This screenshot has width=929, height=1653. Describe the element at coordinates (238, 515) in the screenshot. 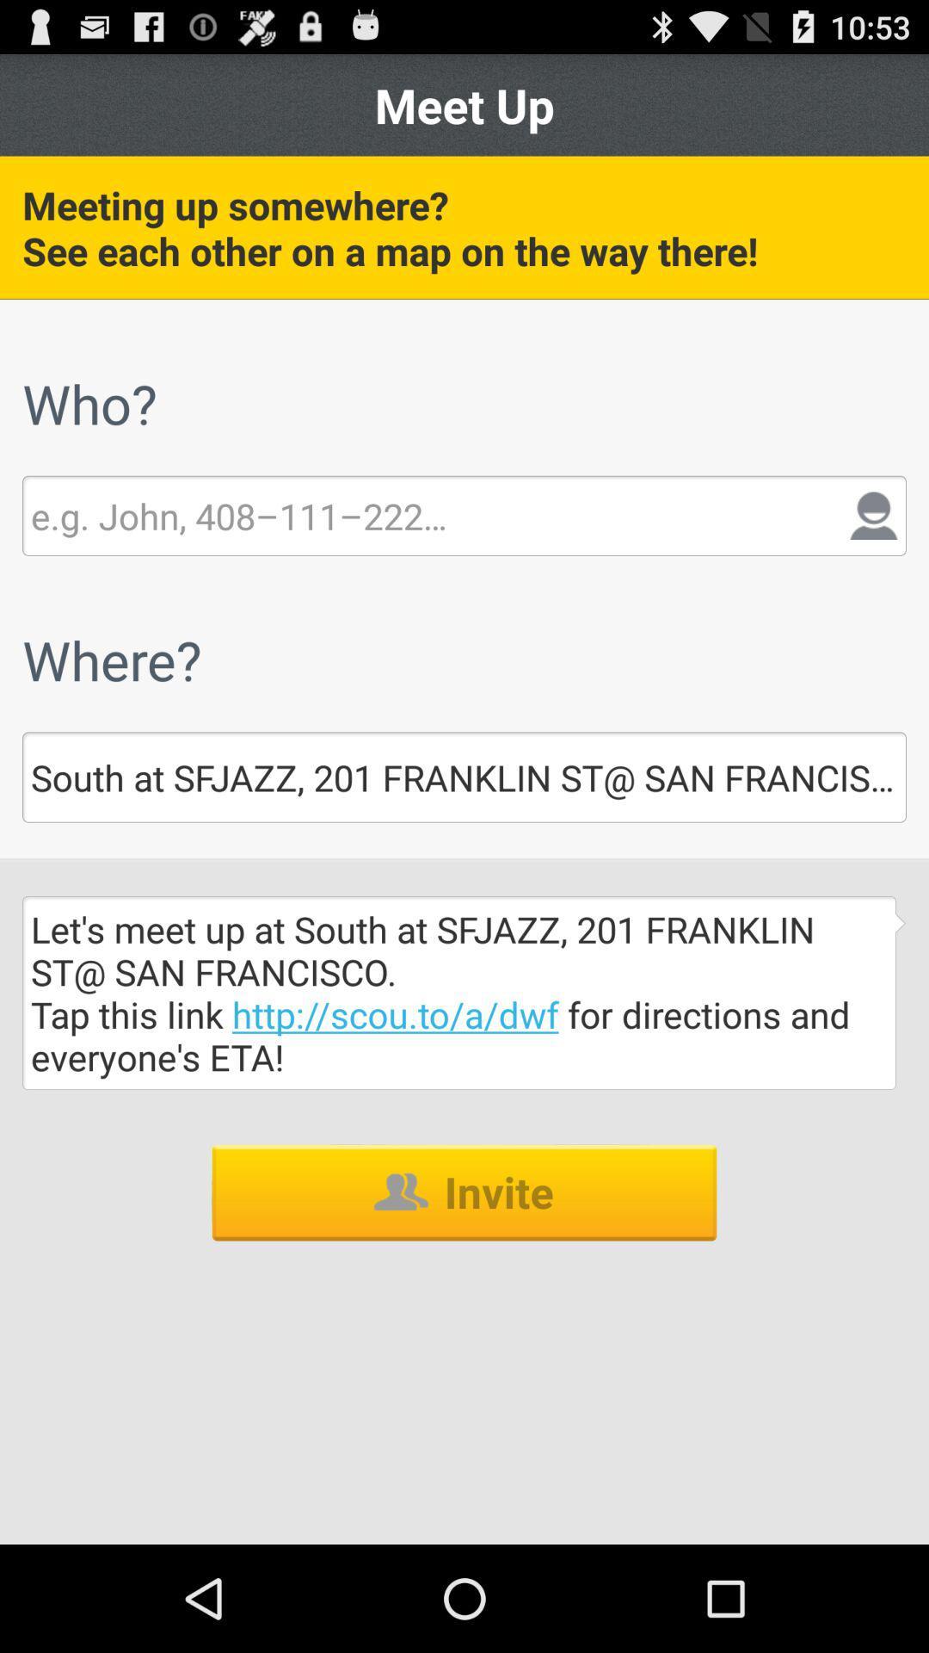

I see `look up person` at that location.